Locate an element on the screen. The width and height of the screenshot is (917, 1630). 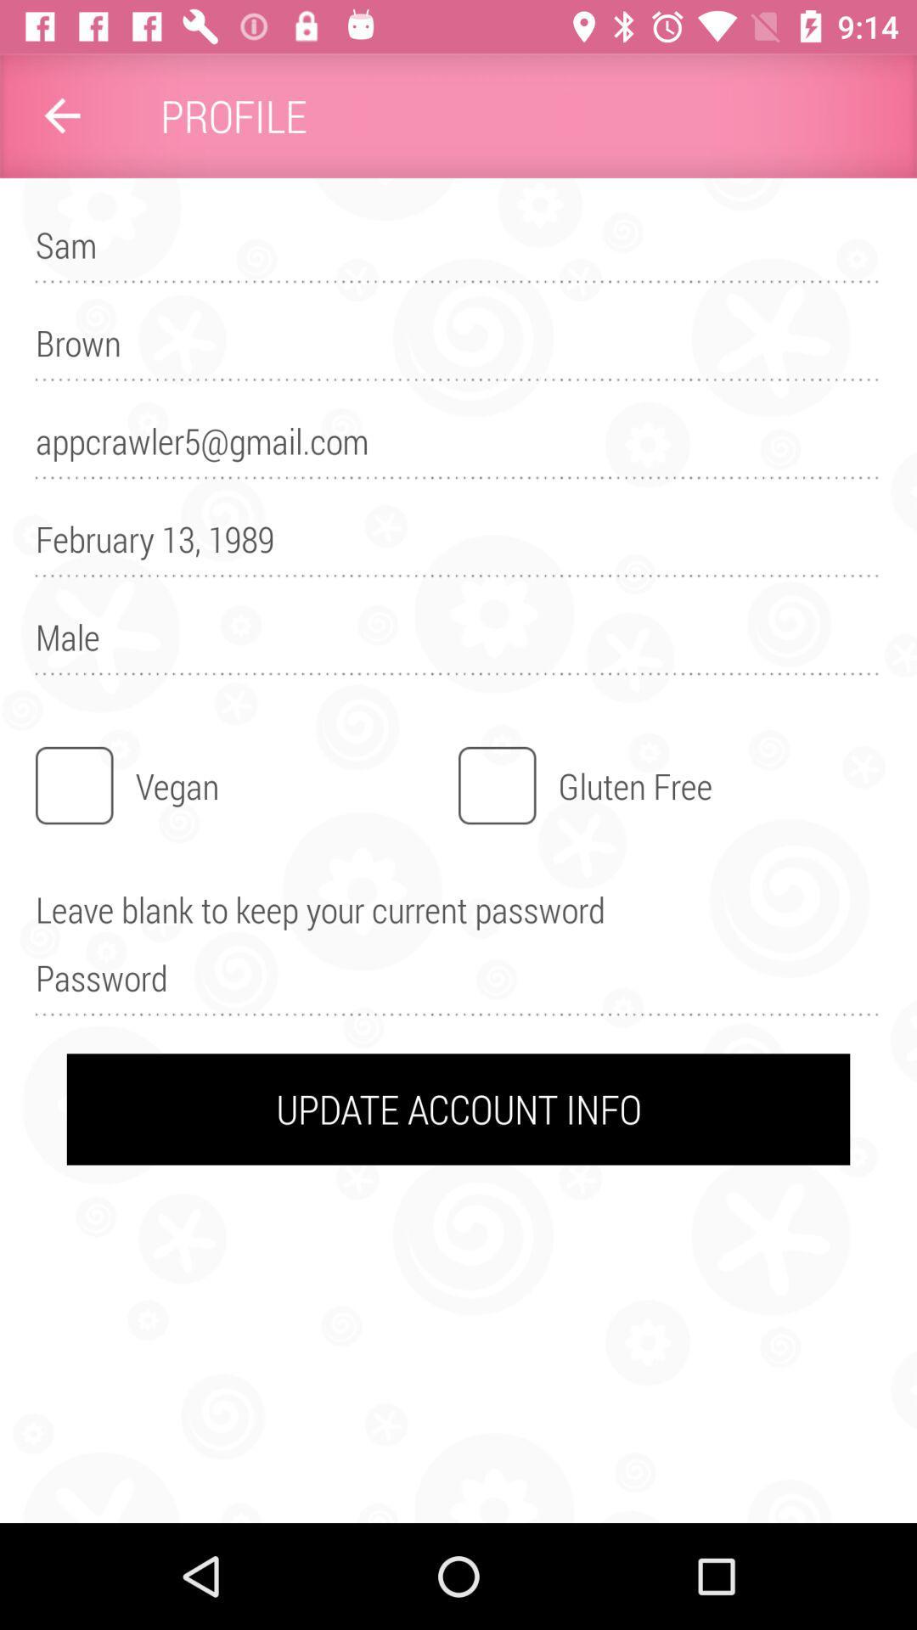
icon below the february 13, 1989 is located at coordinates (458, 644).